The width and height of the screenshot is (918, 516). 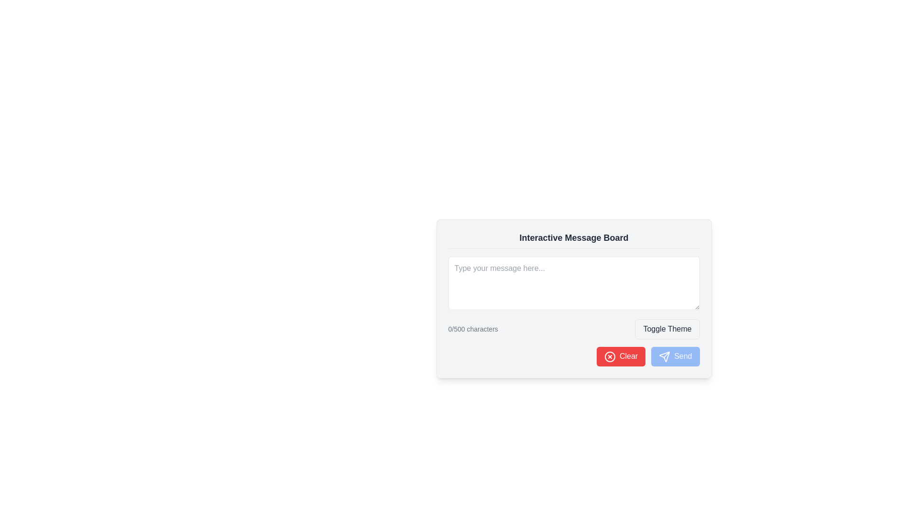 I want to click on the graphical design of the icon located within the 'Clear' button, which is positioned in the bottom right of the 'Interactive Message Board' interface, so click(x=609, y=356).